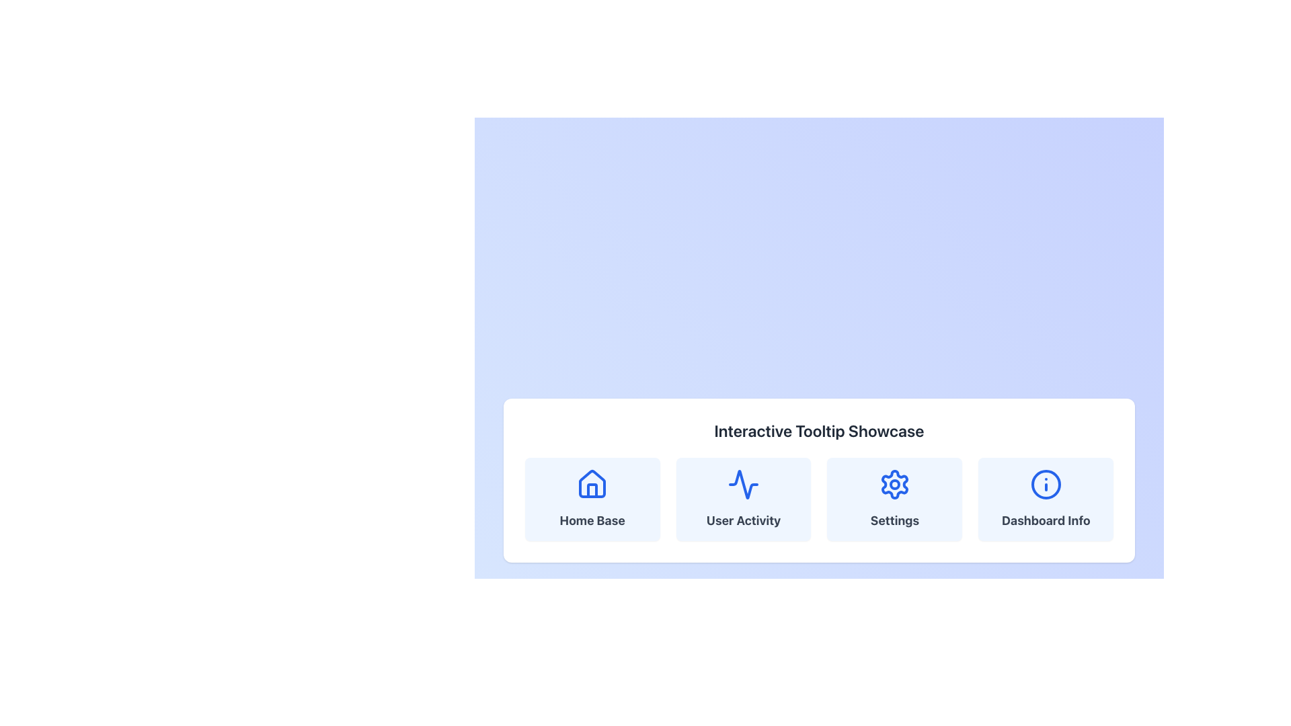  Describe the element at coordinates (743, 520) in the screenshot. I see `text label that reads 'User Activity' in bold, dark gray font within a light blue background card, positioned below an activity icon` at that location.